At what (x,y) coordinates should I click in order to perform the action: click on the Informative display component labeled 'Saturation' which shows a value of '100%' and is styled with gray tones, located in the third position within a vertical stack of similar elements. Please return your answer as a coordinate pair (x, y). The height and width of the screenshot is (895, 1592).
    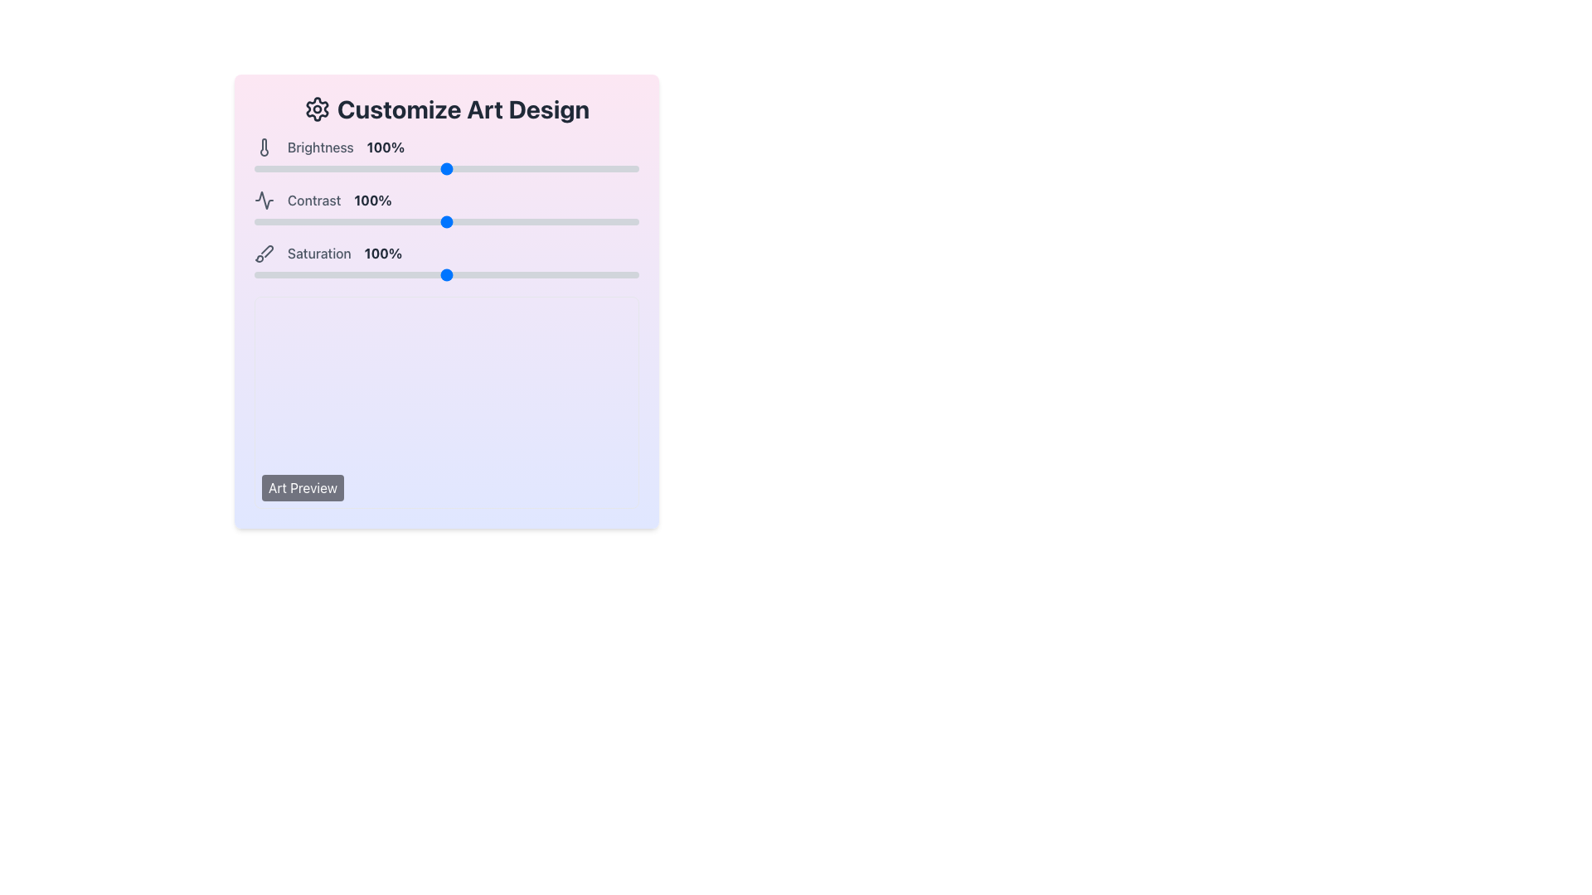
    Looking at the image, I should click on (446, 253).